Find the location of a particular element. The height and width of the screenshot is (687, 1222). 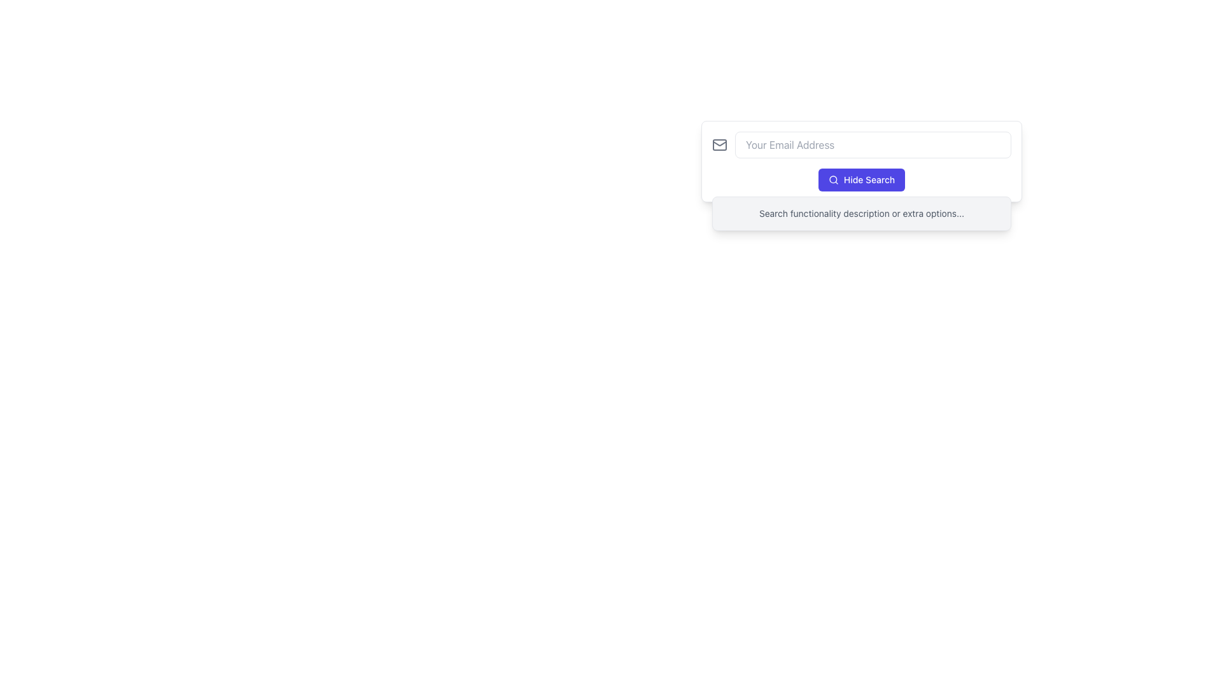

the decorative SVG component of the email input field, which is located to the left of the 'Your Email Address' placeholder text in the top central region of the interface is located at coordinates (720, 144).